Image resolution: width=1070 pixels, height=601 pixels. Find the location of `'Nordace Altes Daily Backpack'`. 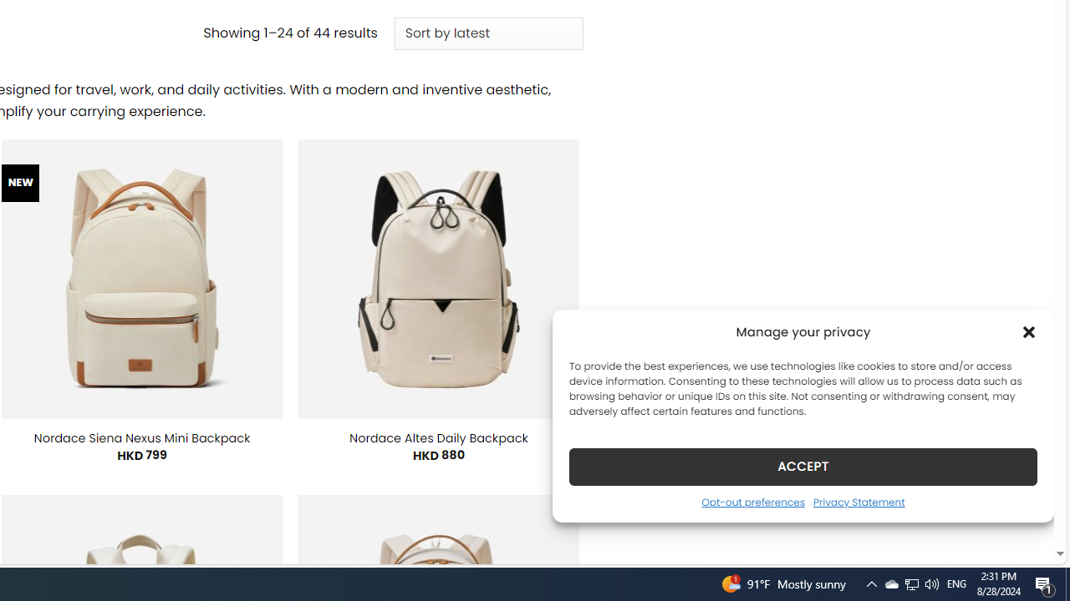

'Nordace Altes Daily Backpack' is located at coordinates (439, 437).